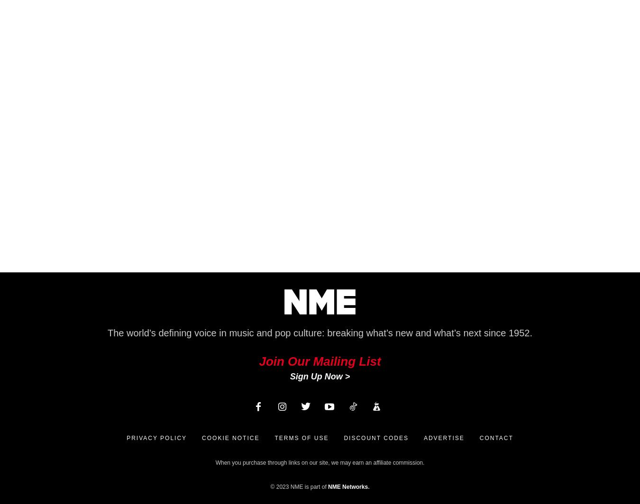 The height and width of the screenshot is (504, 640). Describe the element at coordinates (320, 462) in the screenshot. I see `'When you purchase through links on our site, we may earn an affiliate commission.'` at that location.